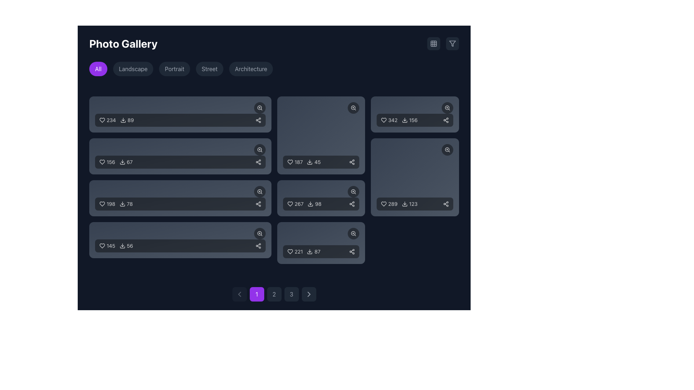 This screenshot has height=390, width=694. Describe the element at coordinates (309, 294) in the screenshot. I see `the chevron-shaped arrow icon within the button located at the bottom-right corner of the pagination bar` at that location.